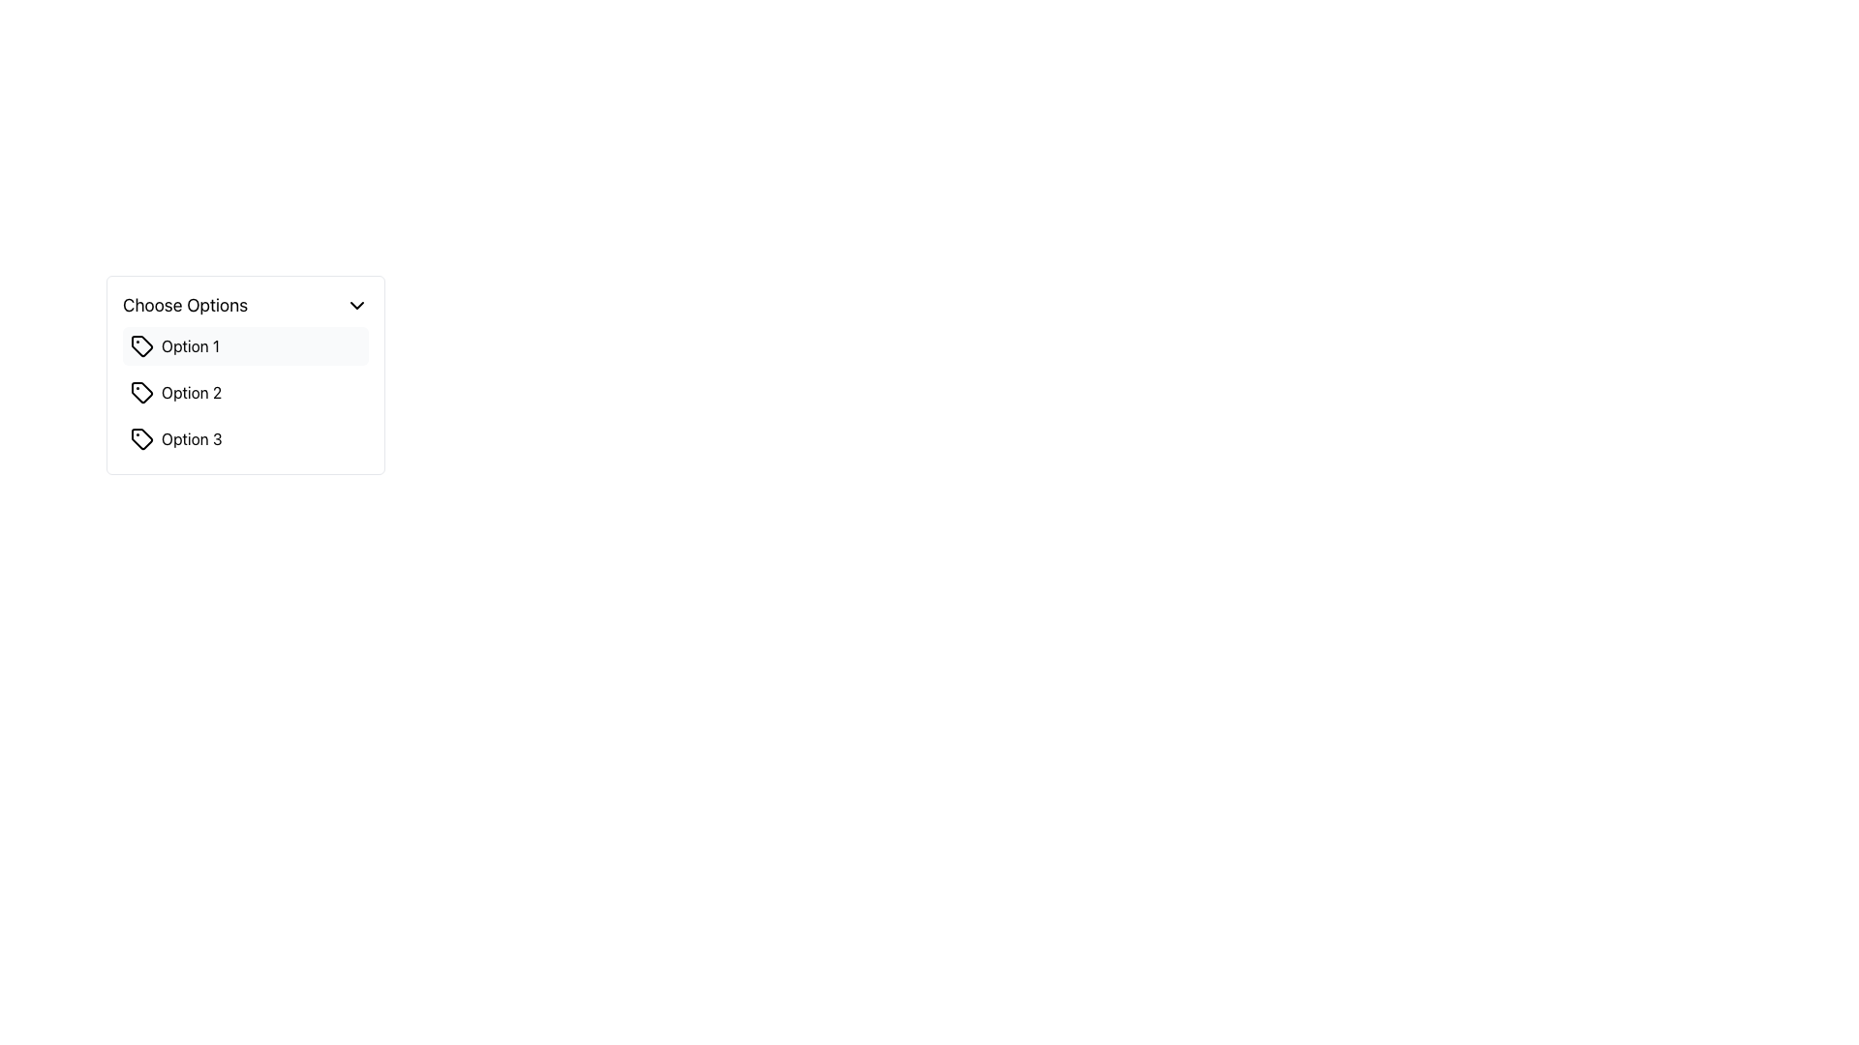  I want to click on the text label 'Option 1', so click(190, 345).